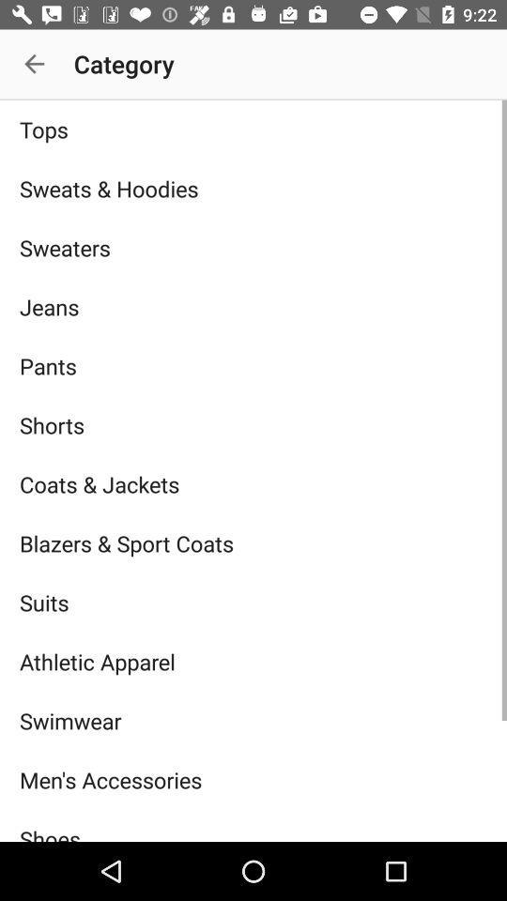 The height and width of the screenshot is (901, 507). I want to click on the shoes icon, so click(253, 824).